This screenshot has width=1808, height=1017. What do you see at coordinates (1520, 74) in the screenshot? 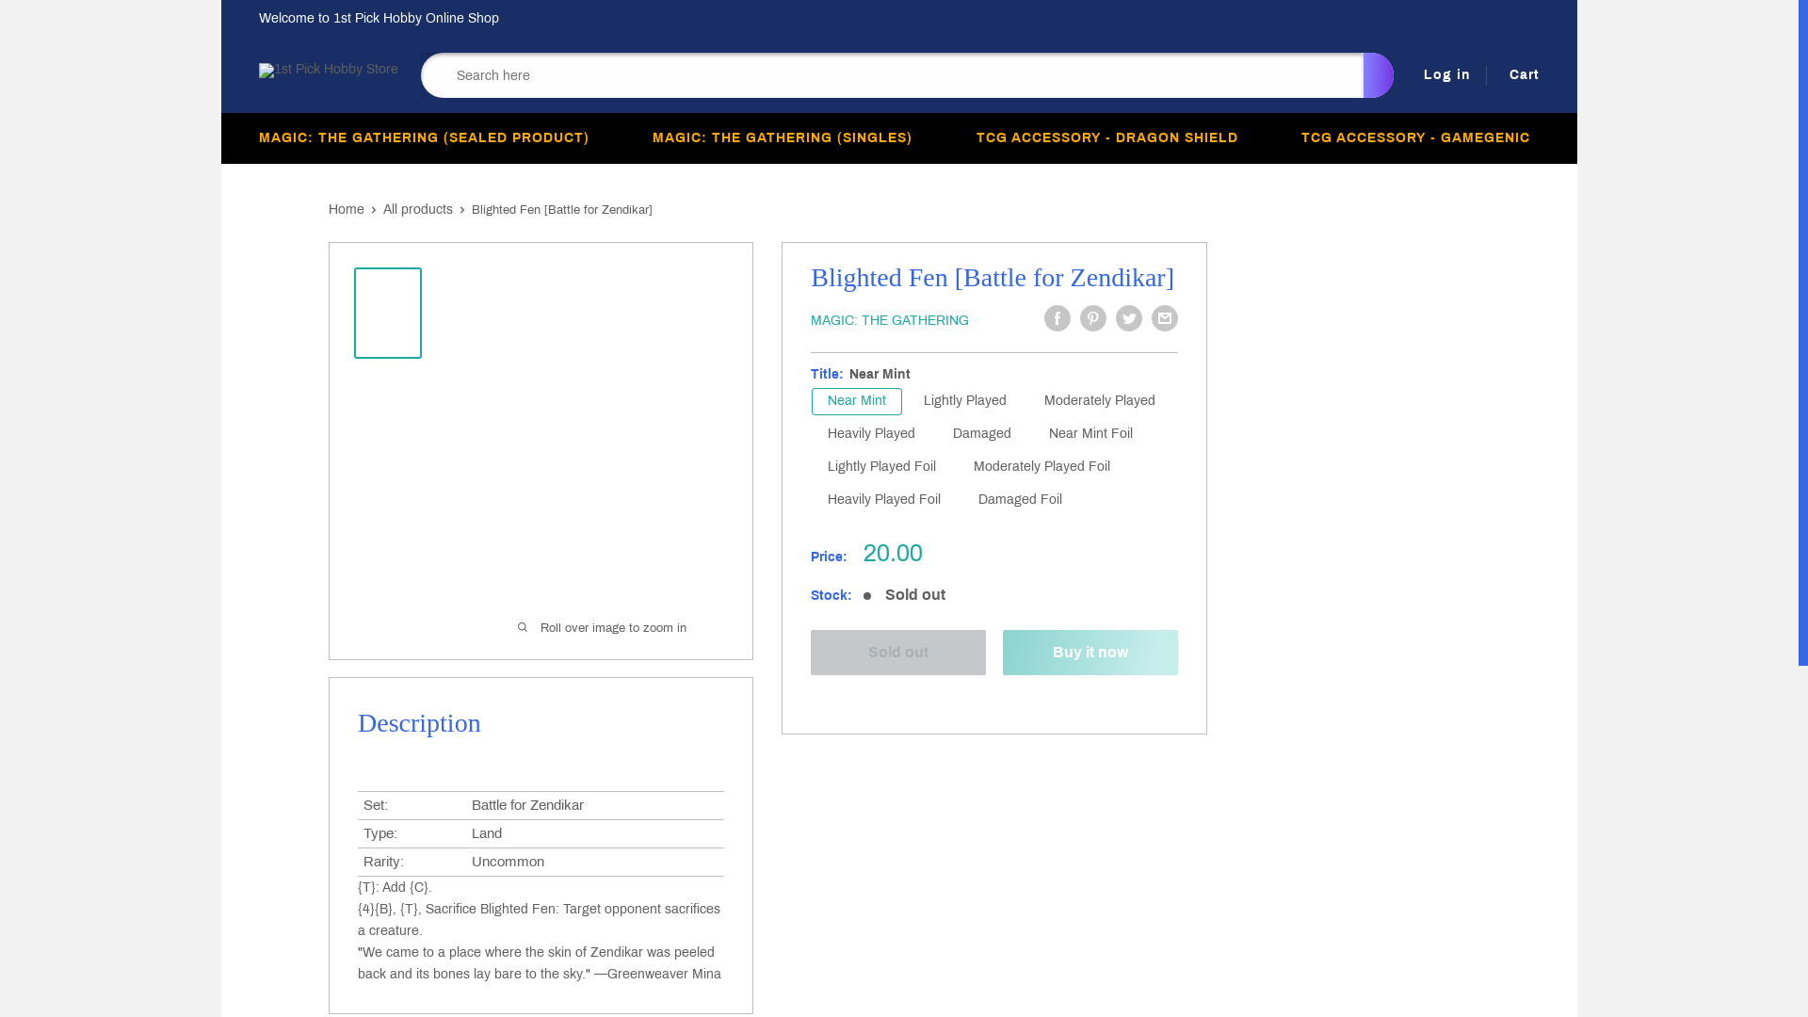
I see `'Cart'` at bounding box center [1520, 74].